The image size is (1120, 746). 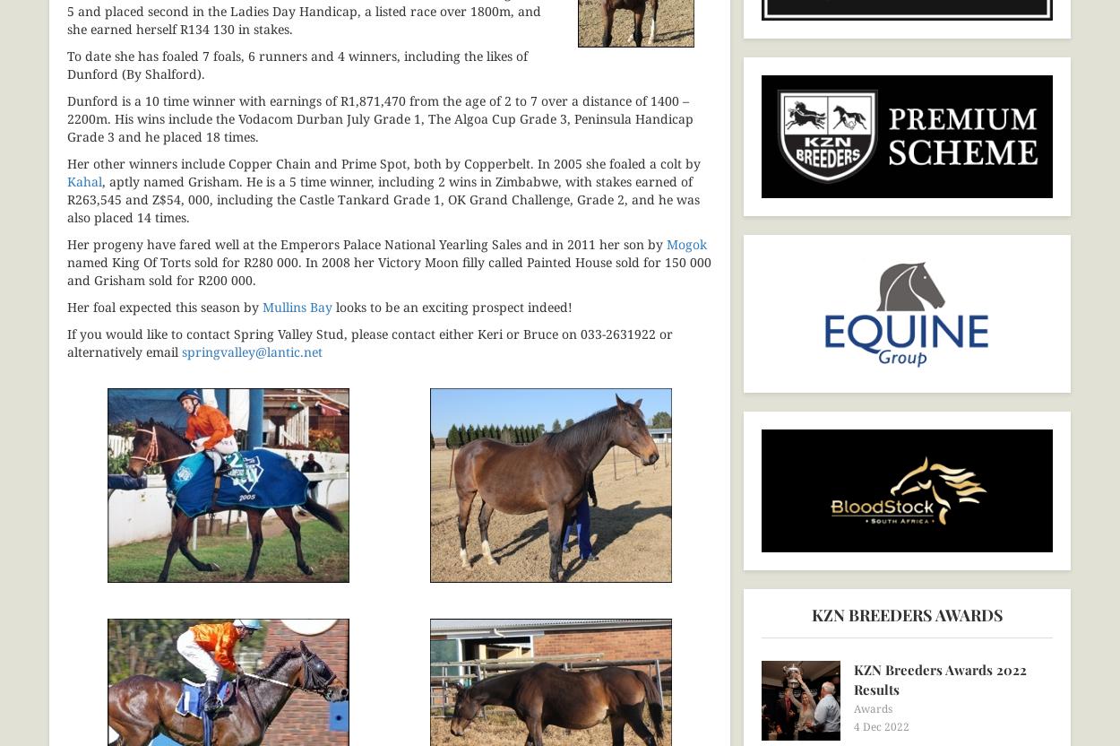 I want to click on 'Kahal', so click(x=66, y=179).